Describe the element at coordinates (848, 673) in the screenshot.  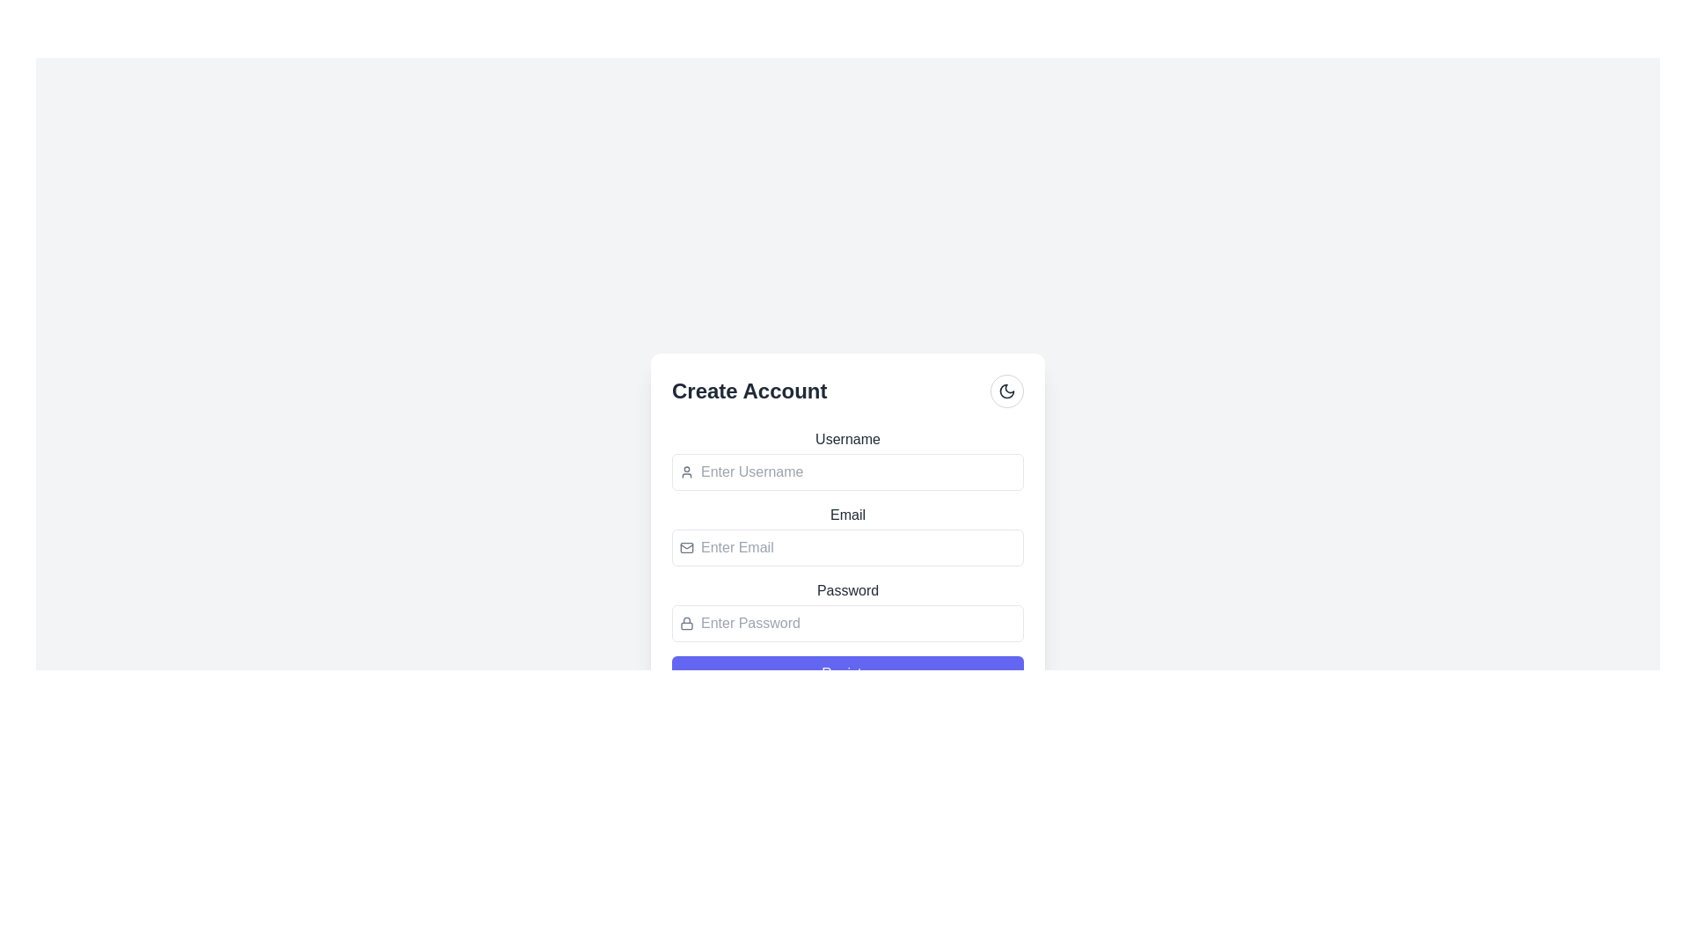
I see `the 'Register' button with a purple background and white text` at that location.